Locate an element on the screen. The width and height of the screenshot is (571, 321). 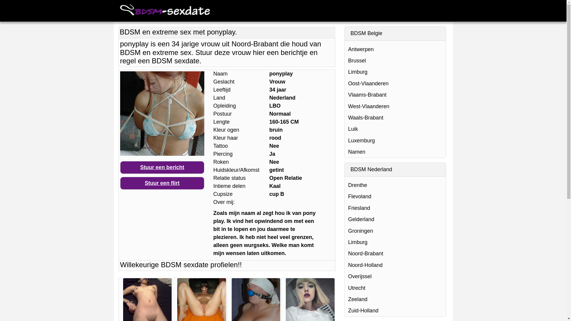
'Luxemburg' is located at coordinates (395, 141).